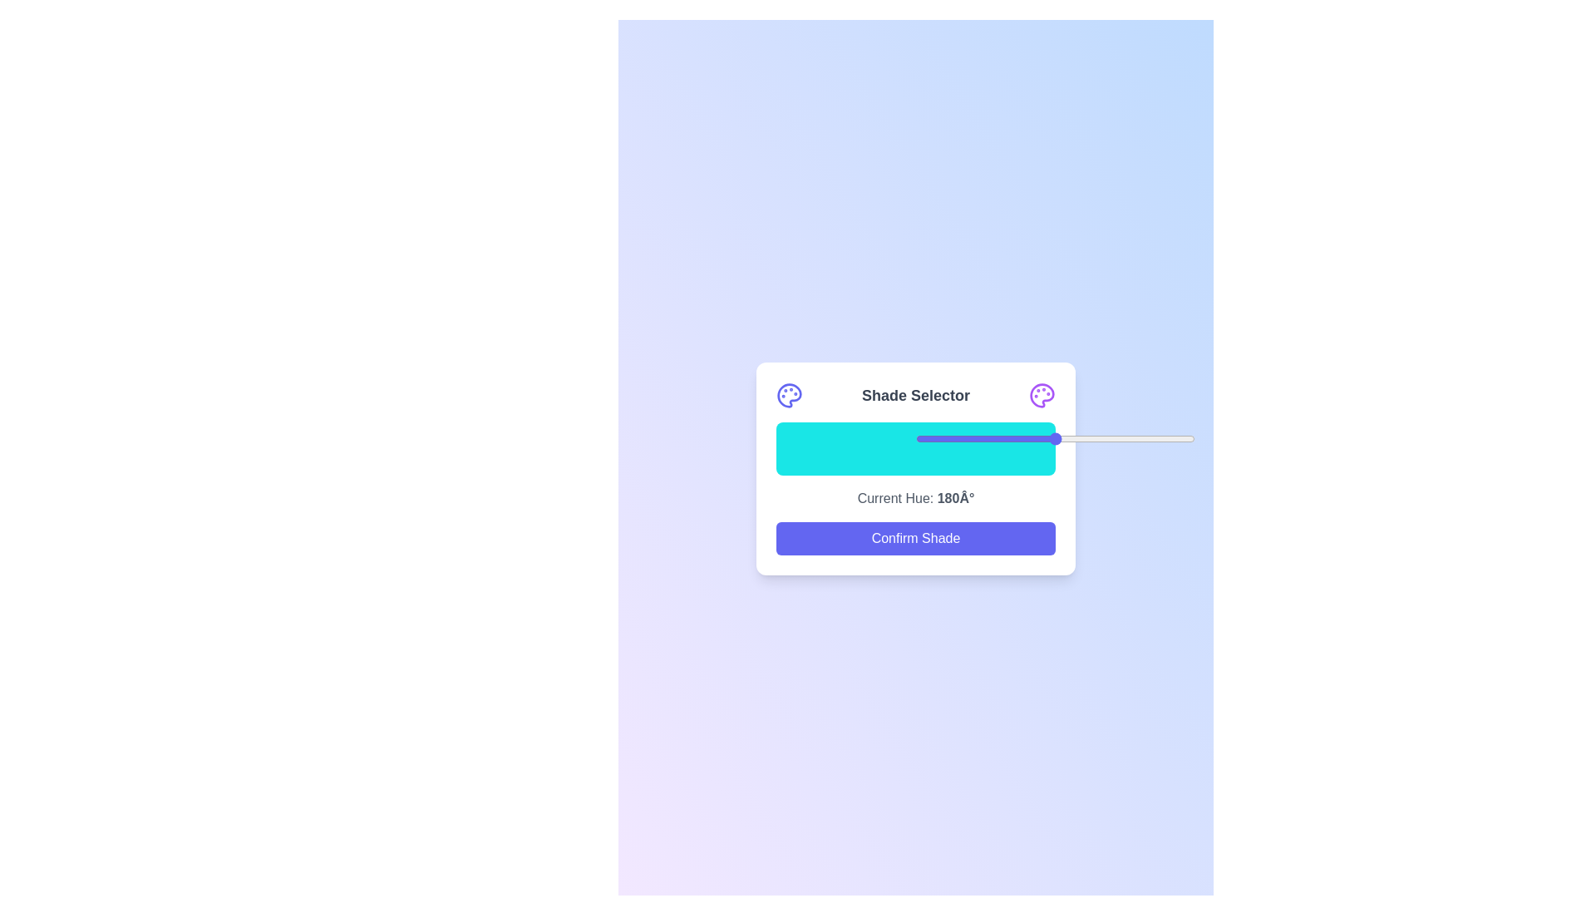 The height and width of the screenshot is (898, 1596). I want to click on the slider to set the shade to 37%, so click(1018, 438).